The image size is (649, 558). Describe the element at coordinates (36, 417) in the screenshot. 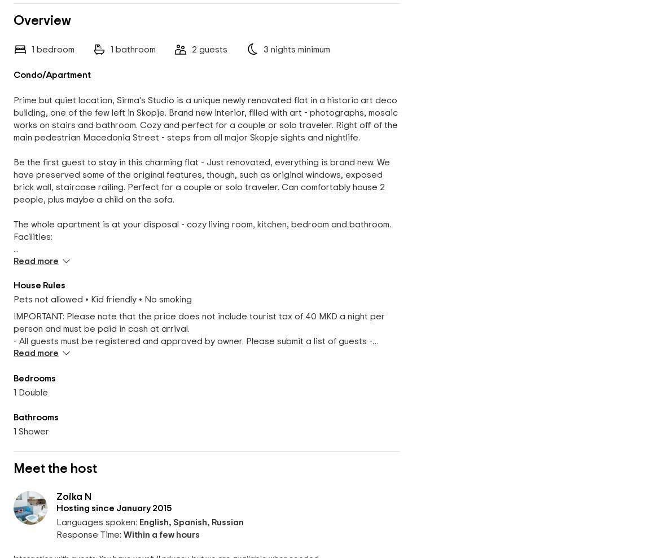

I see `'Bathrooms'` at that location.